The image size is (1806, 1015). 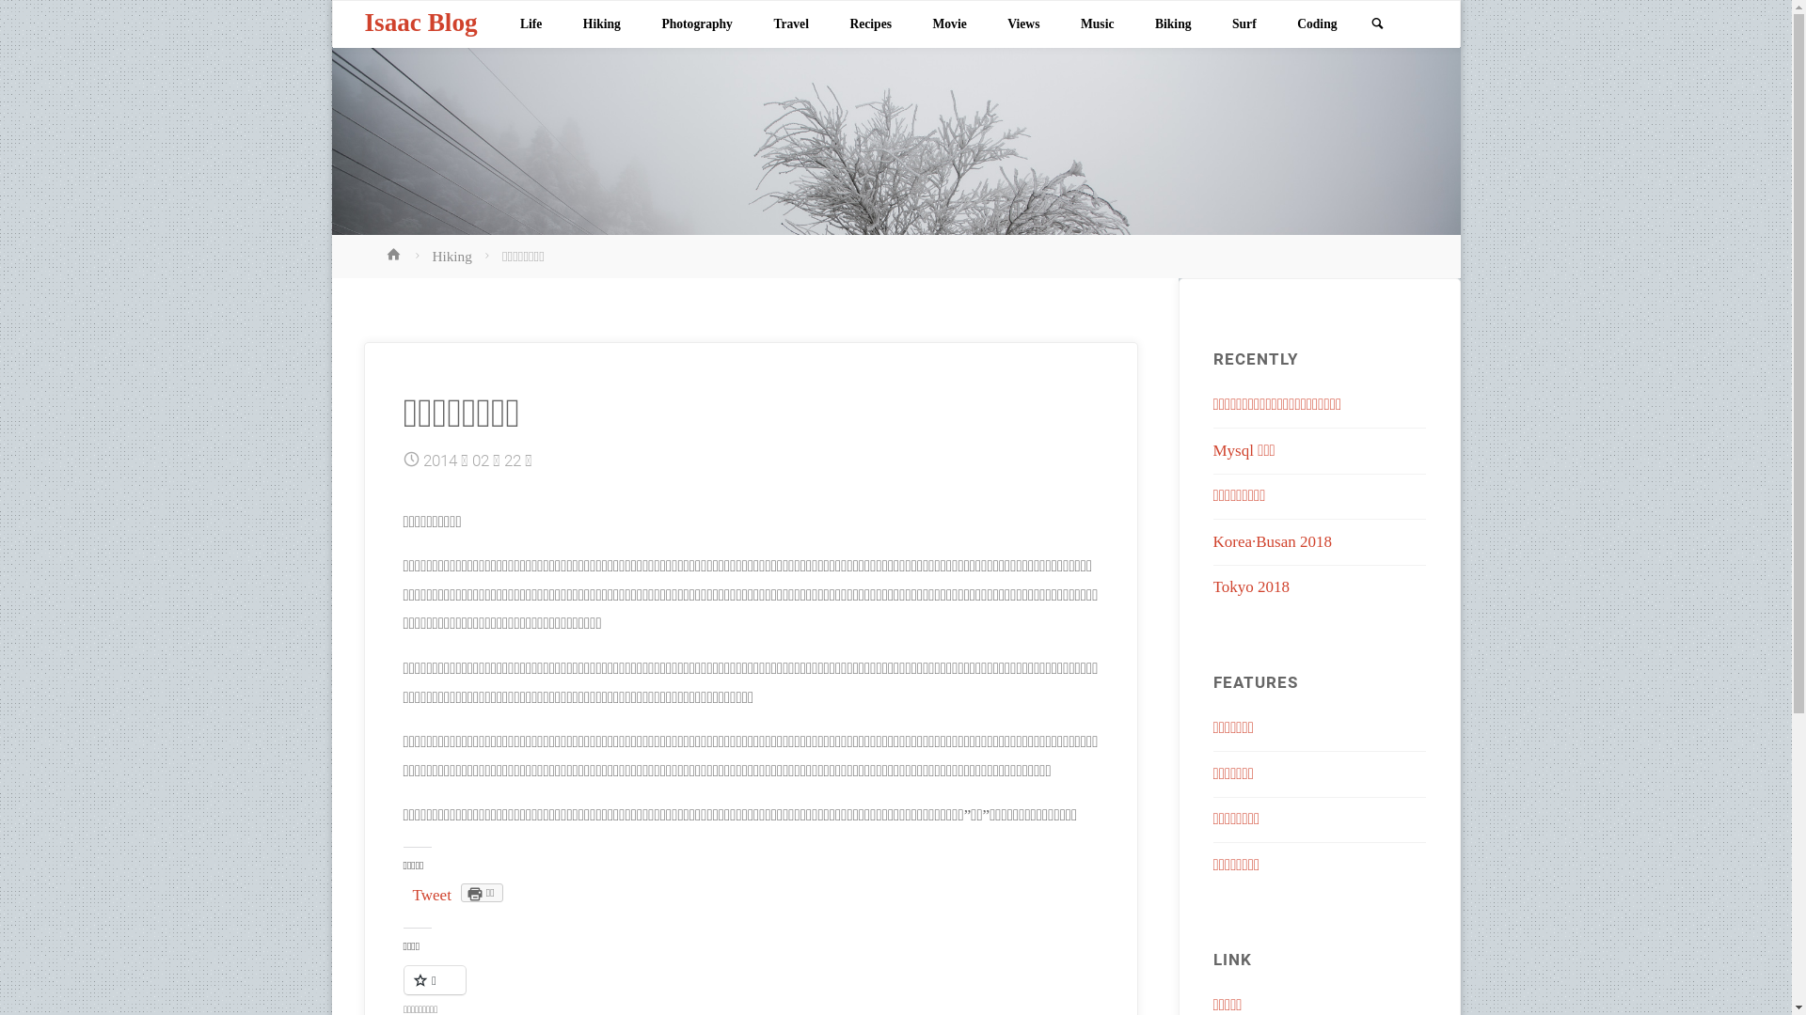 What do you see at coordinates (696, 24) in the screenshot?
I see `'Photography'` at bounding box center [696, 24].